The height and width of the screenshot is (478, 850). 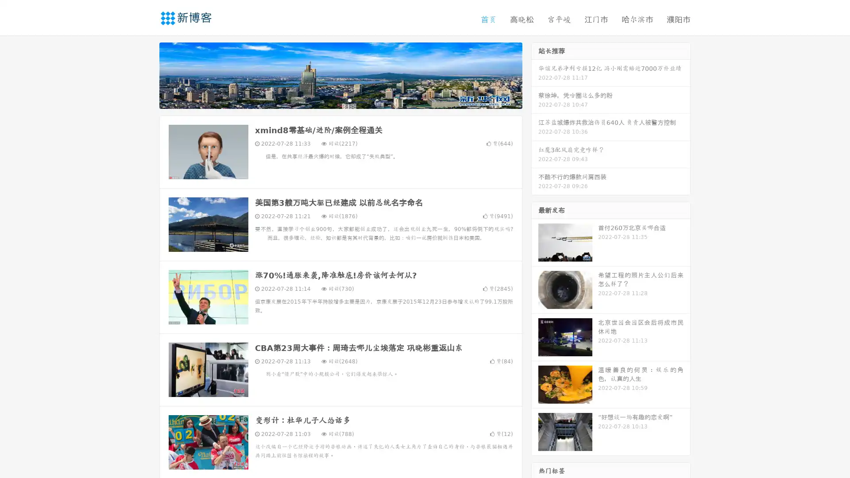 I want to click on Go to slide 2, so click(x=340, y=100).